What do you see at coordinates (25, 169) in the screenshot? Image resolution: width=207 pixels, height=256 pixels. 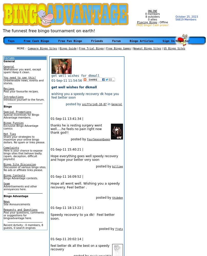 I see `'Discussion of various bingo sites.
No ads or affiliate links please.'` at bounding box center [25, 169].